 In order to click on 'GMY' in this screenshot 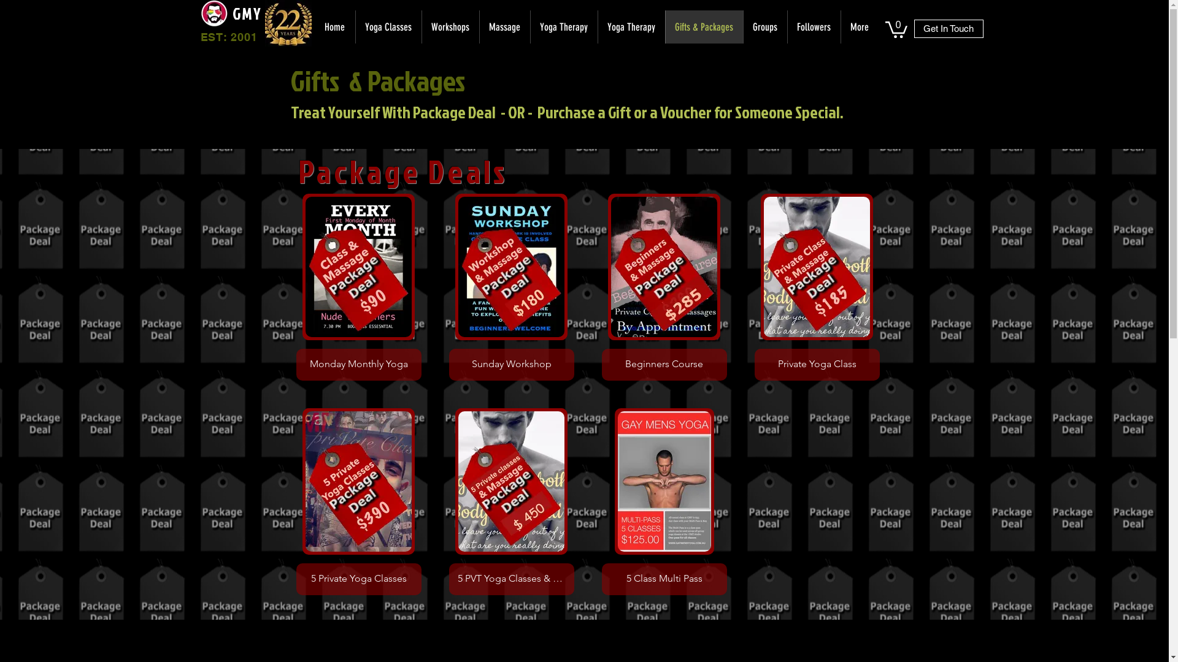, I will do `click(246, 13)`.